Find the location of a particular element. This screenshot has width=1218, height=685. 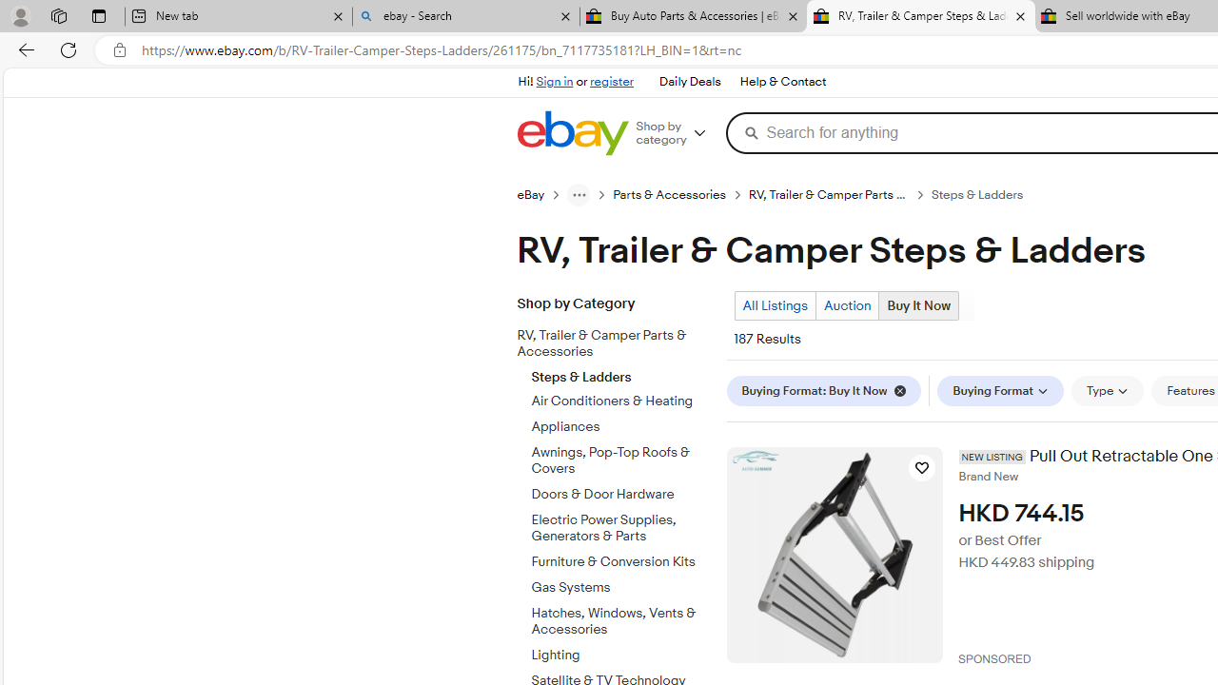

'All Listings' is located at coordinates (775, 304).